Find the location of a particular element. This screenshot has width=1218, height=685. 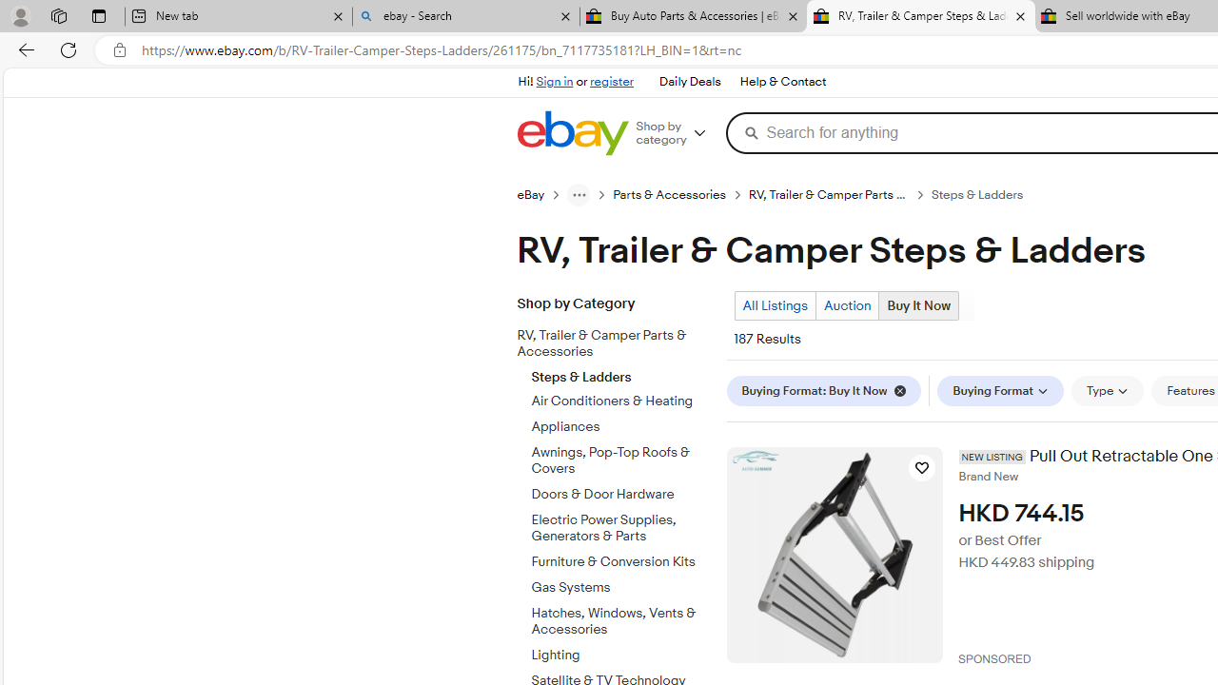

'All Listings' is located at coordinates (775, 304).